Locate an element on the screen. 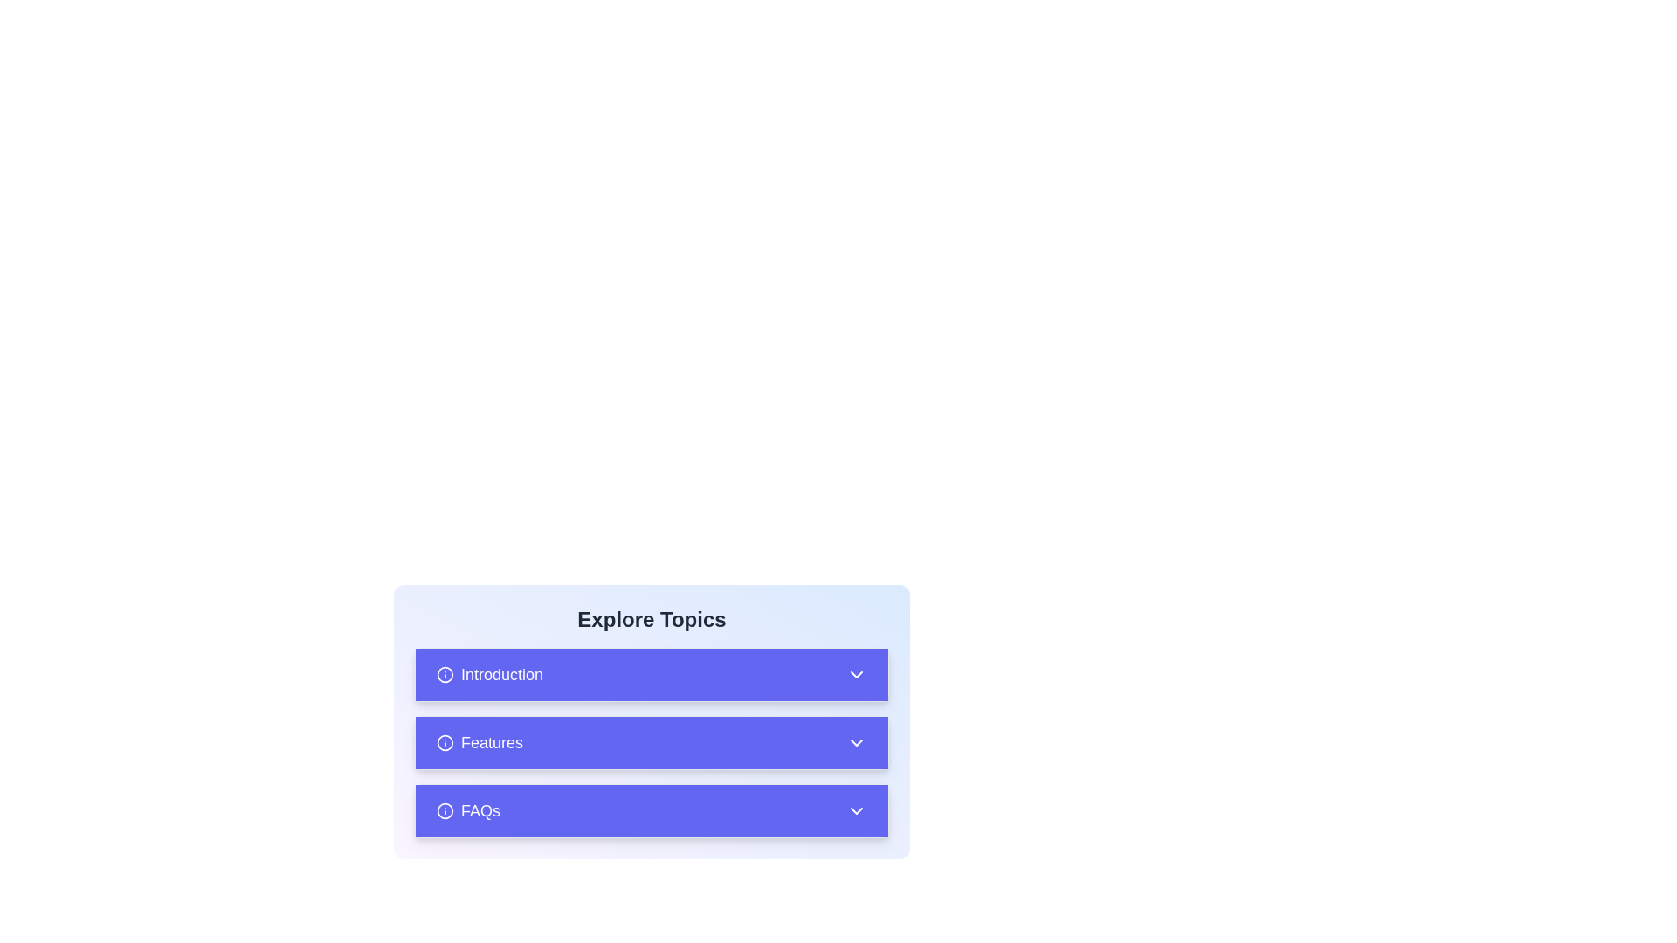 This screenshot has width=1677, height=943. the 'Features' list item, which is the second component in a vertical list of topics including 'Introduction,' 'Features,' and 'FAQs,' is located at coordinates (480, 743).